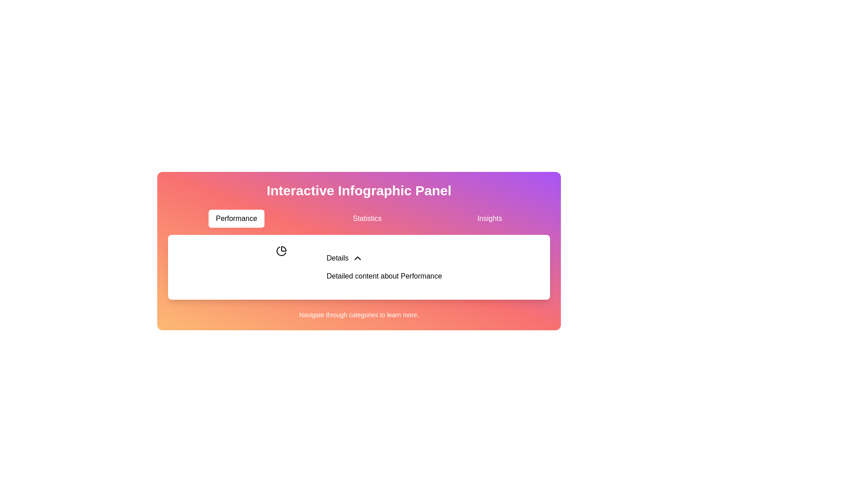 This screenshot has width=865, height=486. What do you see at coordinates (281, 251) in the screenshot?
I see `the second segment of the pie chart icon located within the central content panel beneath the 'Performance' tab` at bounding box center [281, 251].